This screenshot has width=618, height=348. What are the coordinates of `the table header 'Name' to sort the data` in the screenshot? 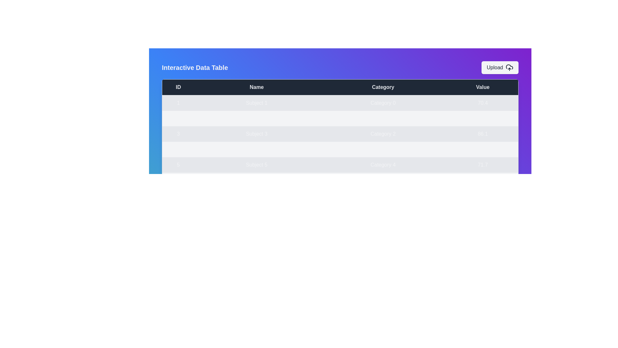 It's located at (256, 87).